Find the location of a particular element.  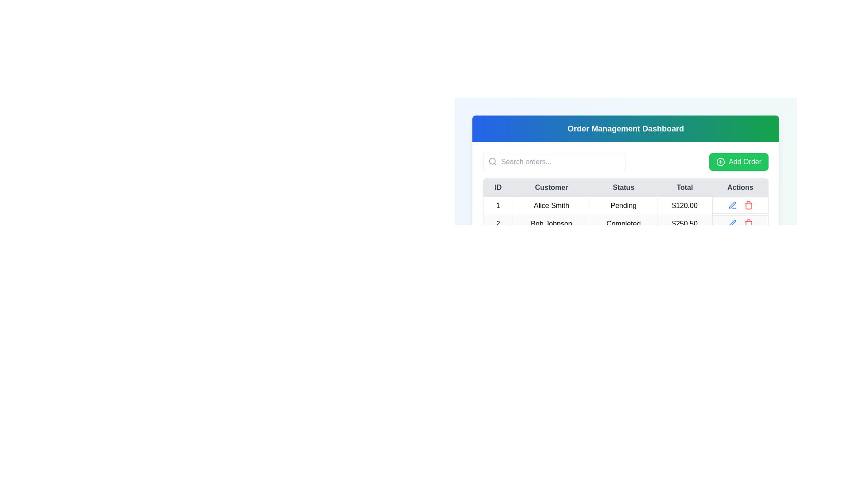

the static text displaying the order status for 'Alice Smith' in the third column of the table is located at coordinates (623, 206).